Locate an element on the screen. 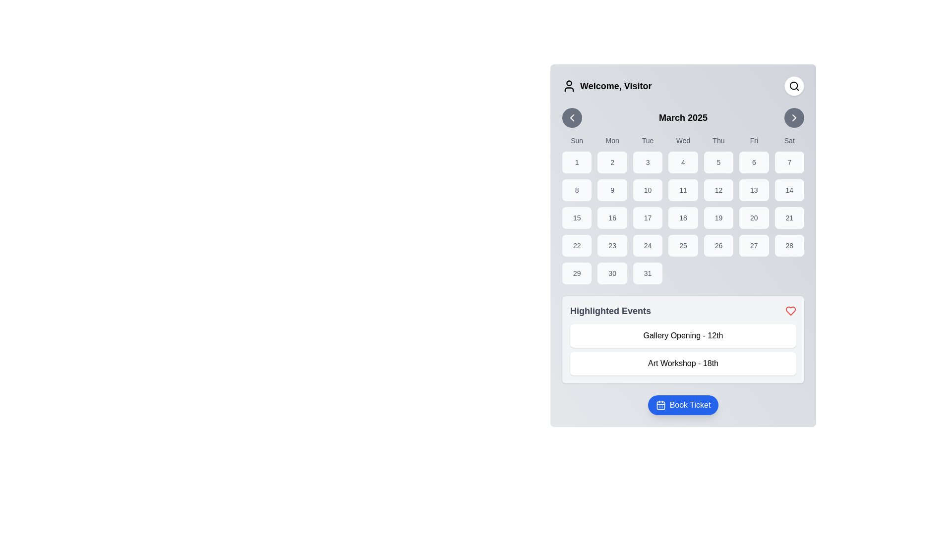  the static text label indicating 'Tue' in the week header of the calendar layout, which is the third of seven day labels is located at coordinates (648, 141).